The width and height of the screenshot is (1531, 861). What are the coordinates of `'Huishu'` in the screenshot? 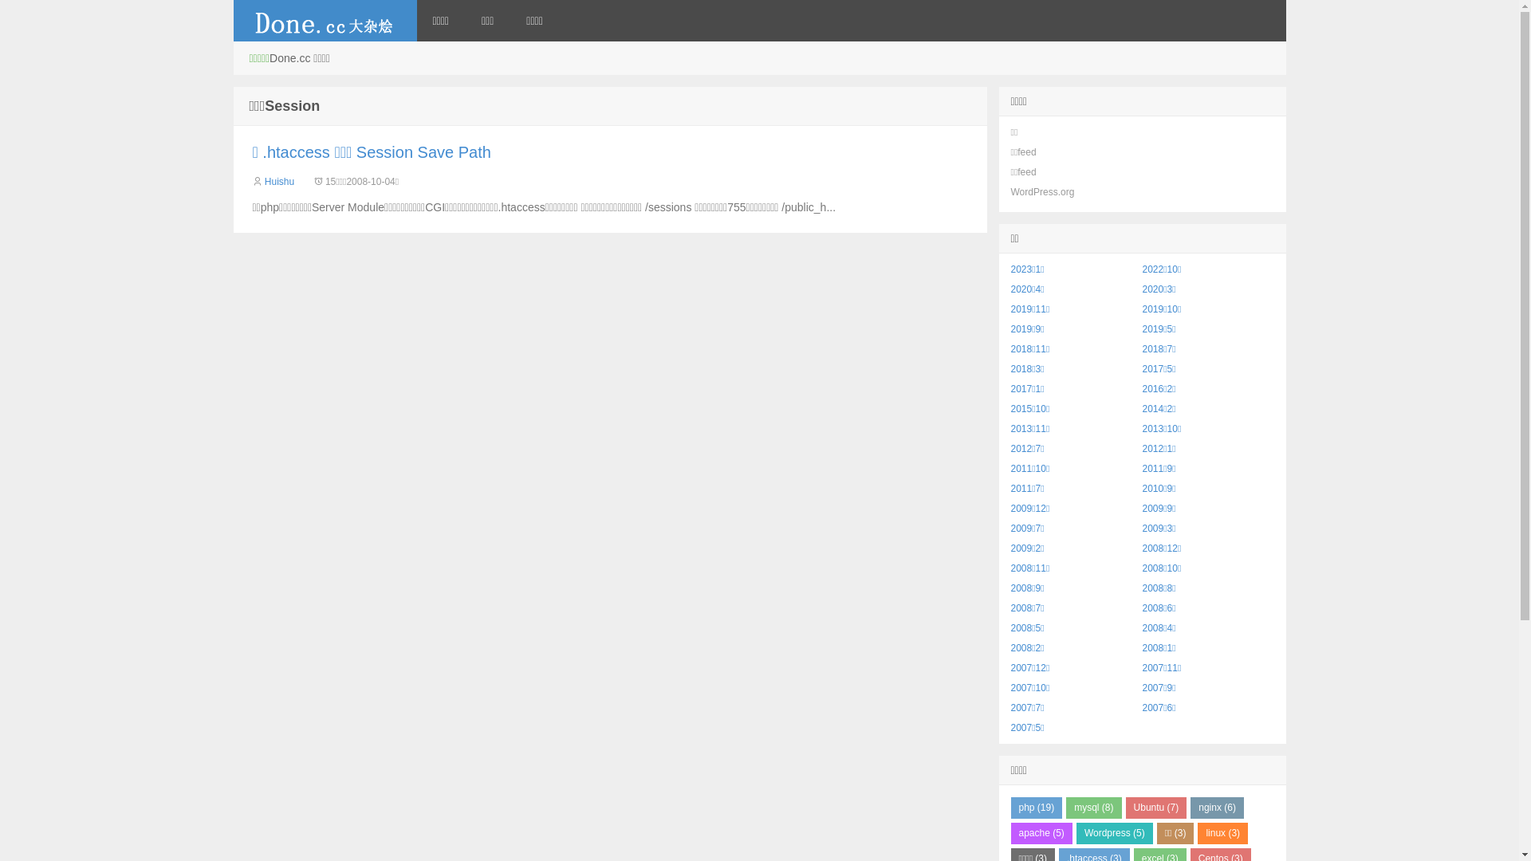 It's located at (279, 180).